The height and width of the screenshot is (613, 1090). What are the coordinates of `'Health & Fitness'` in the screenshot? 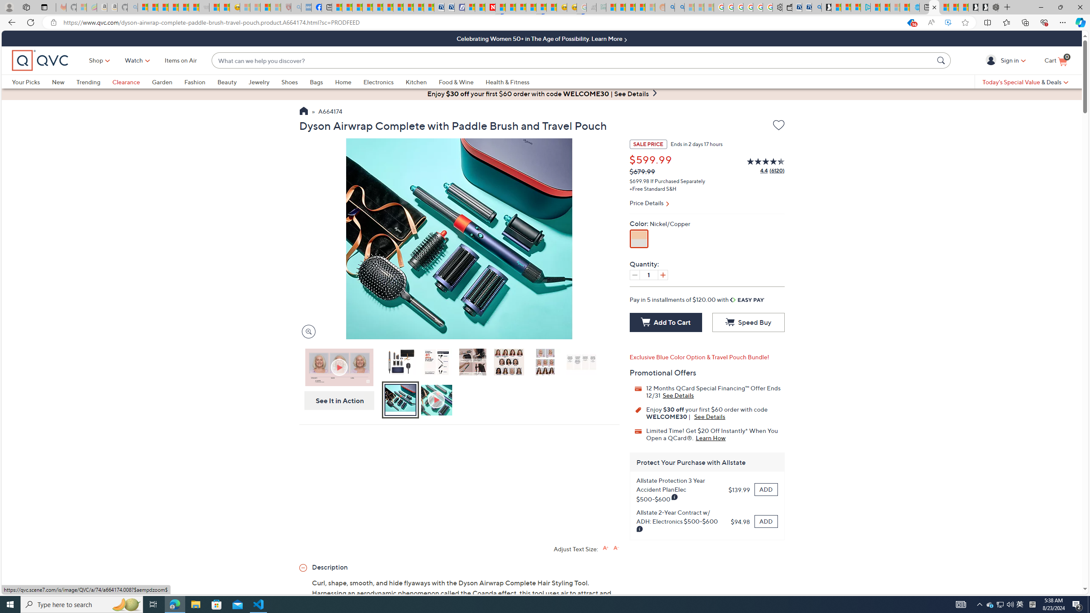 It's located at (509, 81).